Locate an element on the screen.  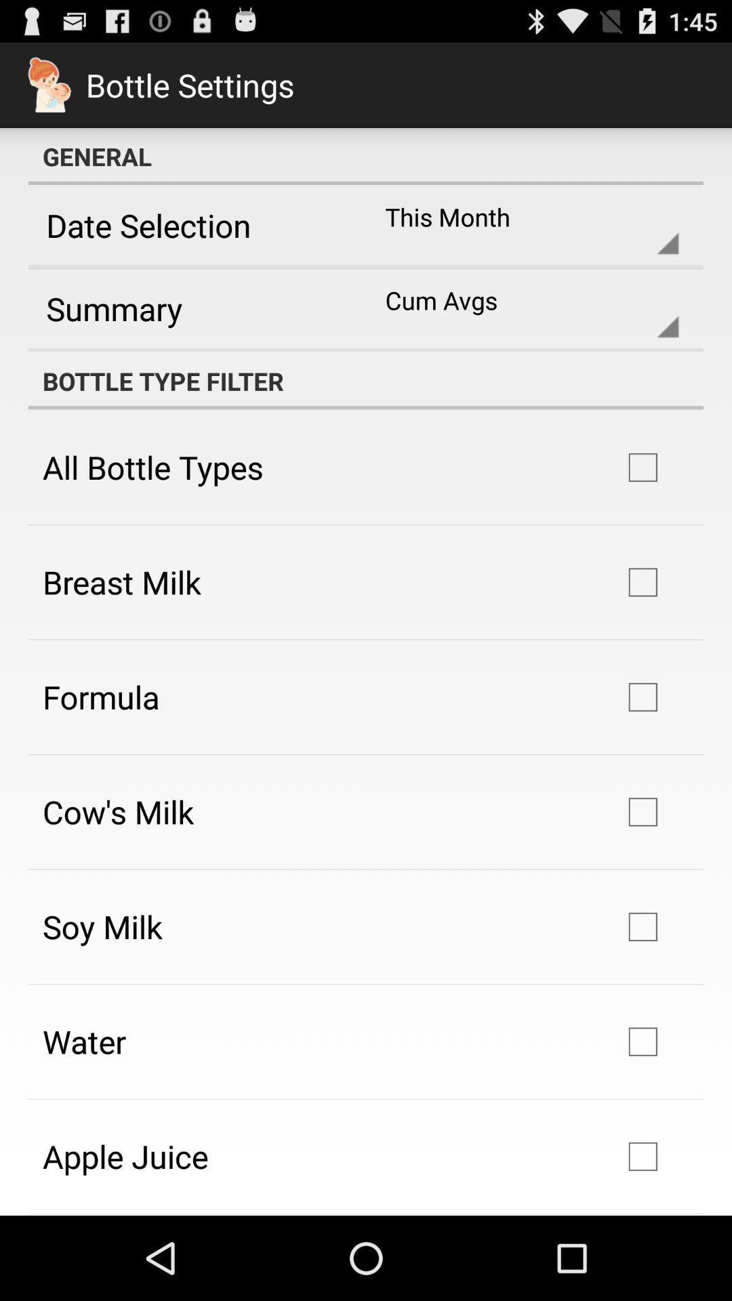
icon to the right of the date selection app is located at coordinates (521, 225).